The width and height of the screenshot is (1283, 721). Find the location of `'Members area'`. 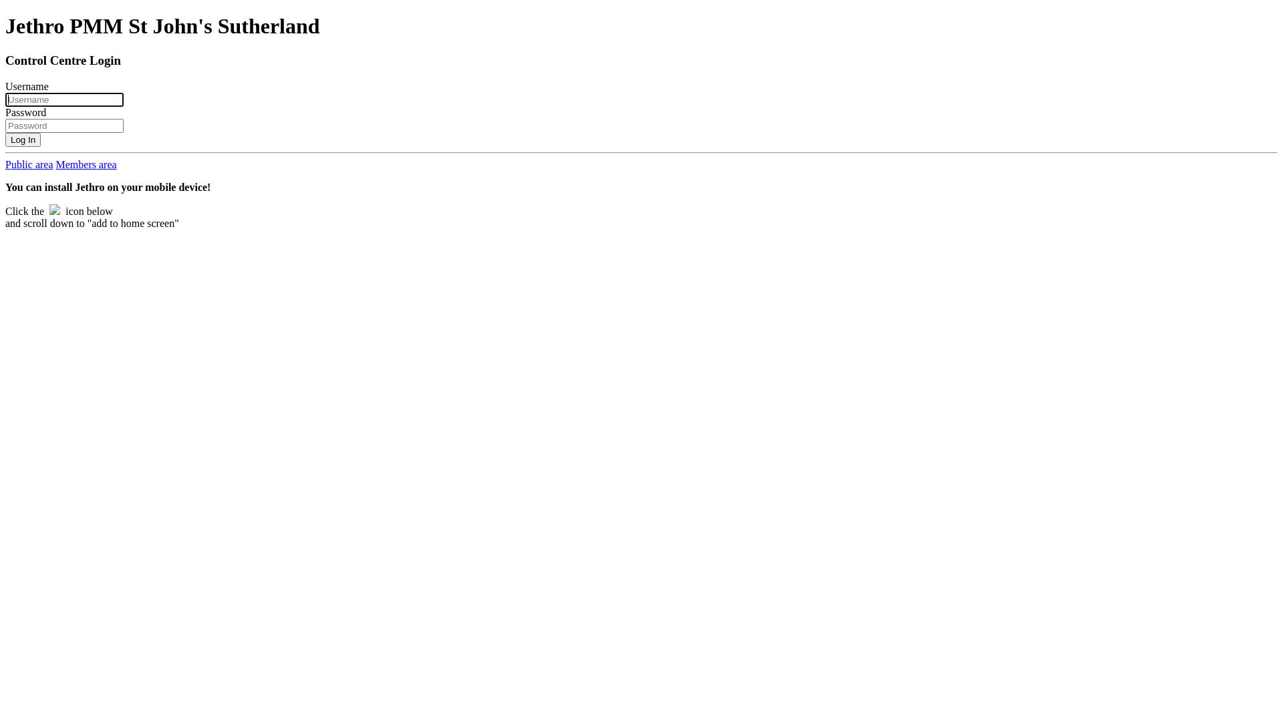

'Members area' is located at coordinates (55, 164).